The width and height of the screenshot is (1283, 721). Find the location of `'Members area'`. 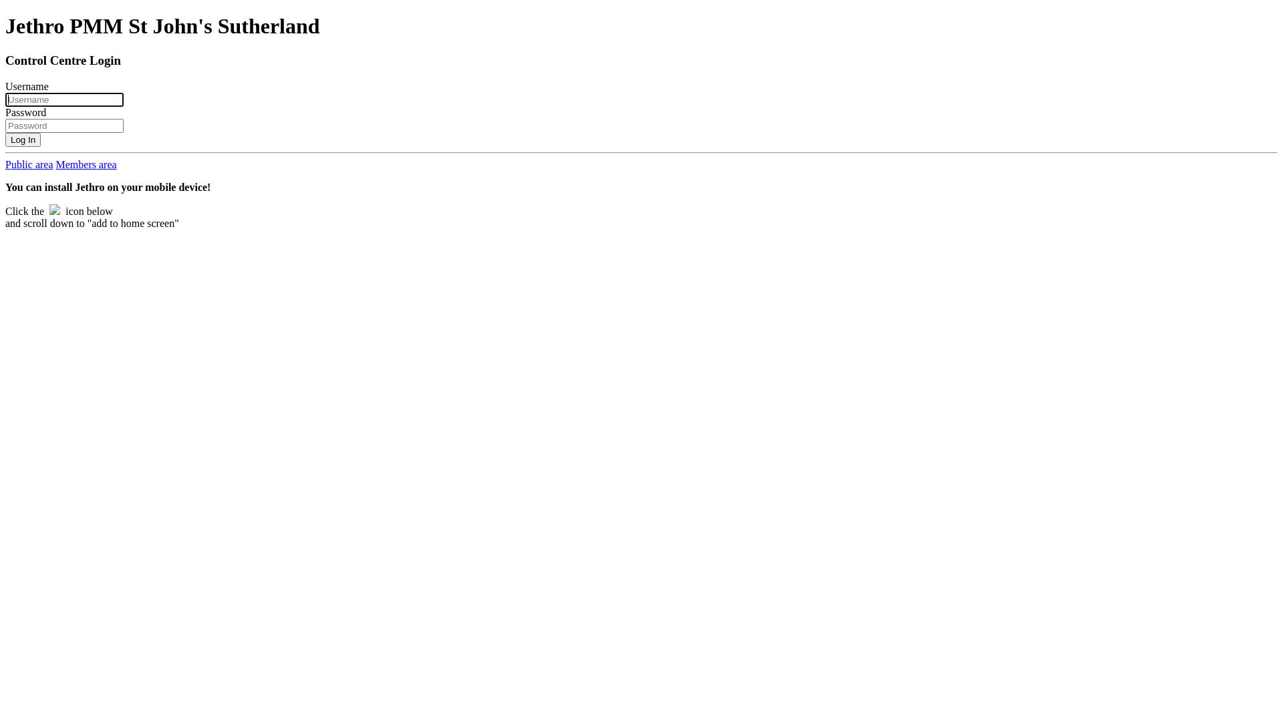

'Members area' is located at coordinates (55, 164).